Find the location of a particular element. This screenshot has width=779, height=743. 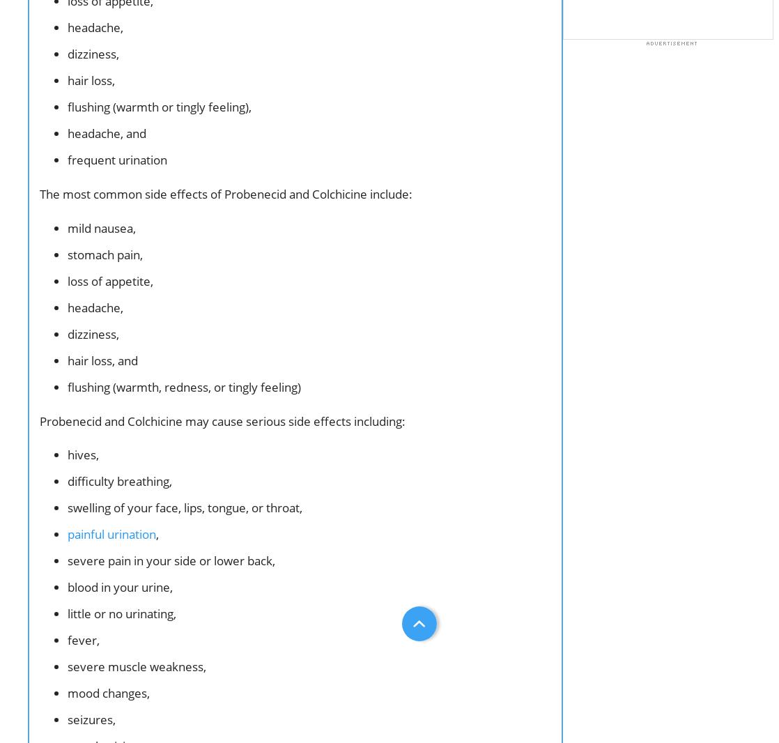

'hives,' is located at coordinates (83, 454).